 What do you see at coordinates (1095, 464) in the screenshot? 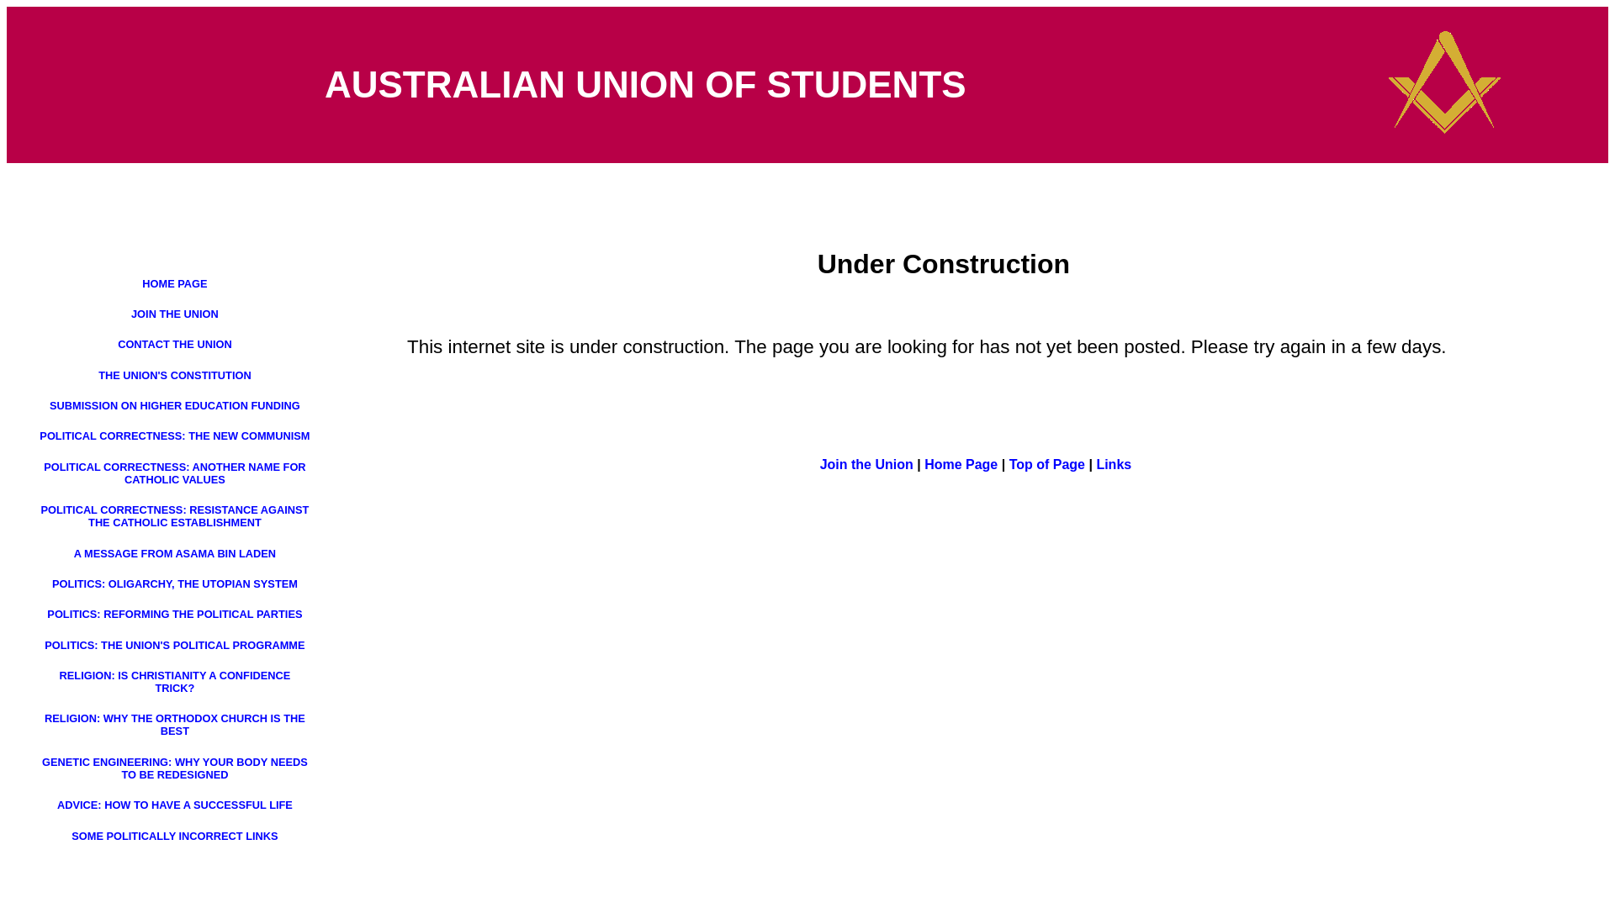
I see `'Links'` at bounding box center [1095, 464].